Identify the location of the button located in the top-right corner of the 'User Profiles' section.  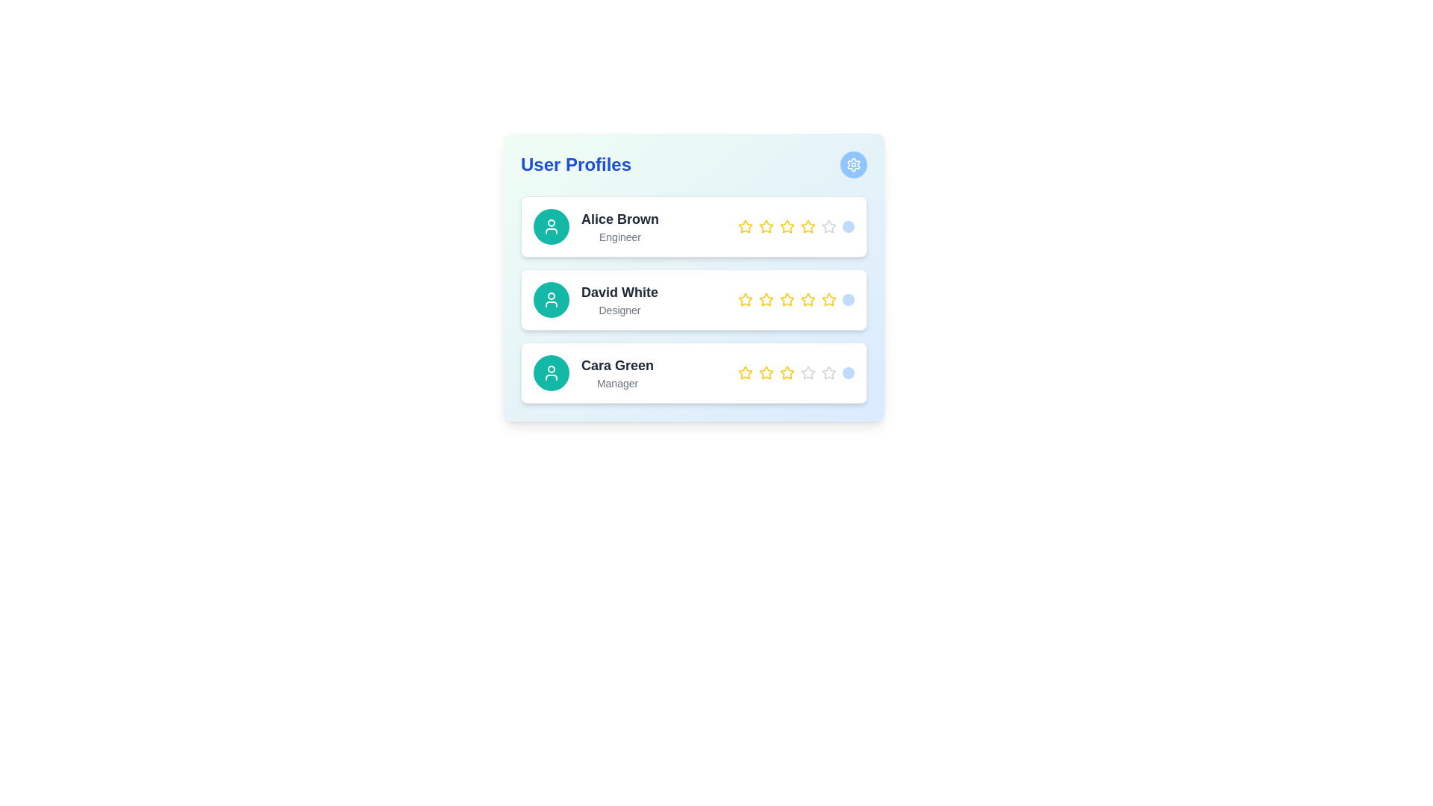
(853, 164).